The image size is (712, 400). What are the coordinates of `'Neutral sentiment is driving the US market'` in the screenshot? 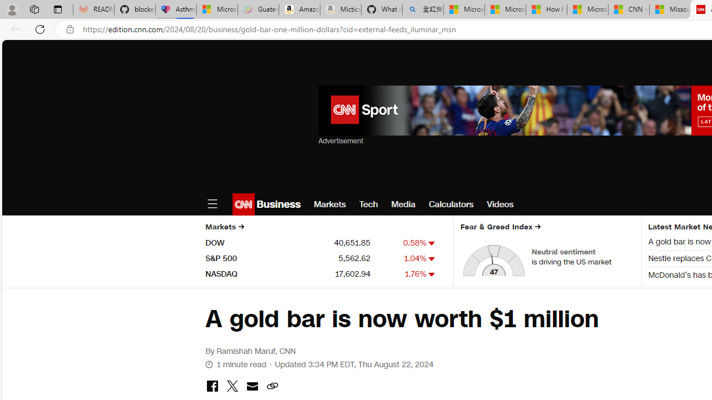 It's located at (582, 257).